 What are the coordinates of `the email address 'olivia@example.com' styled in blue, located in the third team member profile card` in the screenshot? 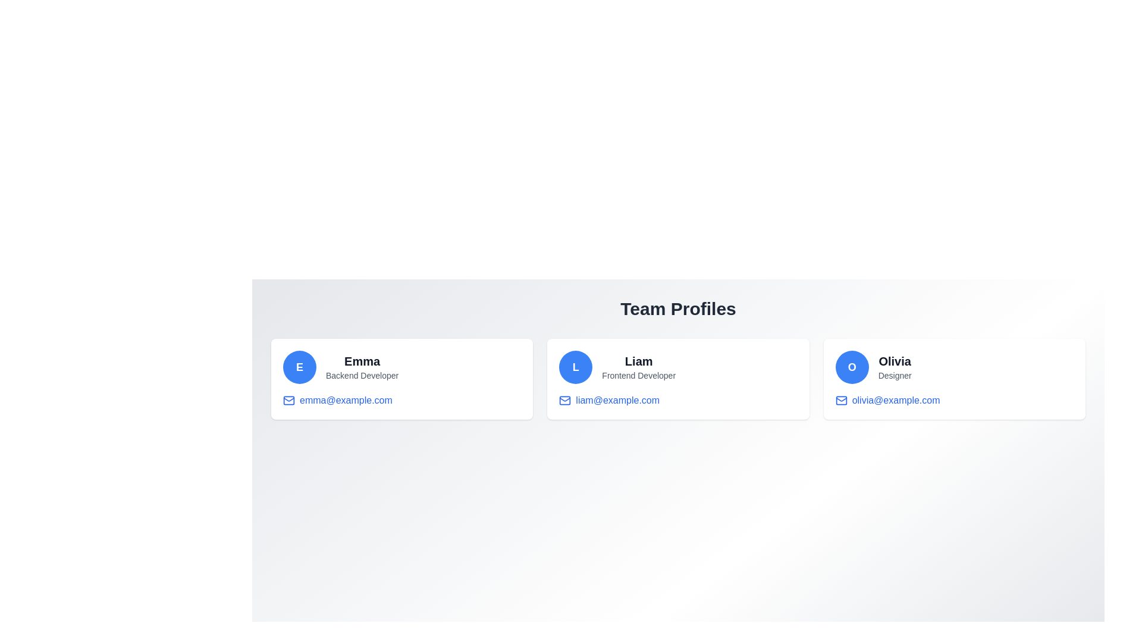 It's located at (896, 401).